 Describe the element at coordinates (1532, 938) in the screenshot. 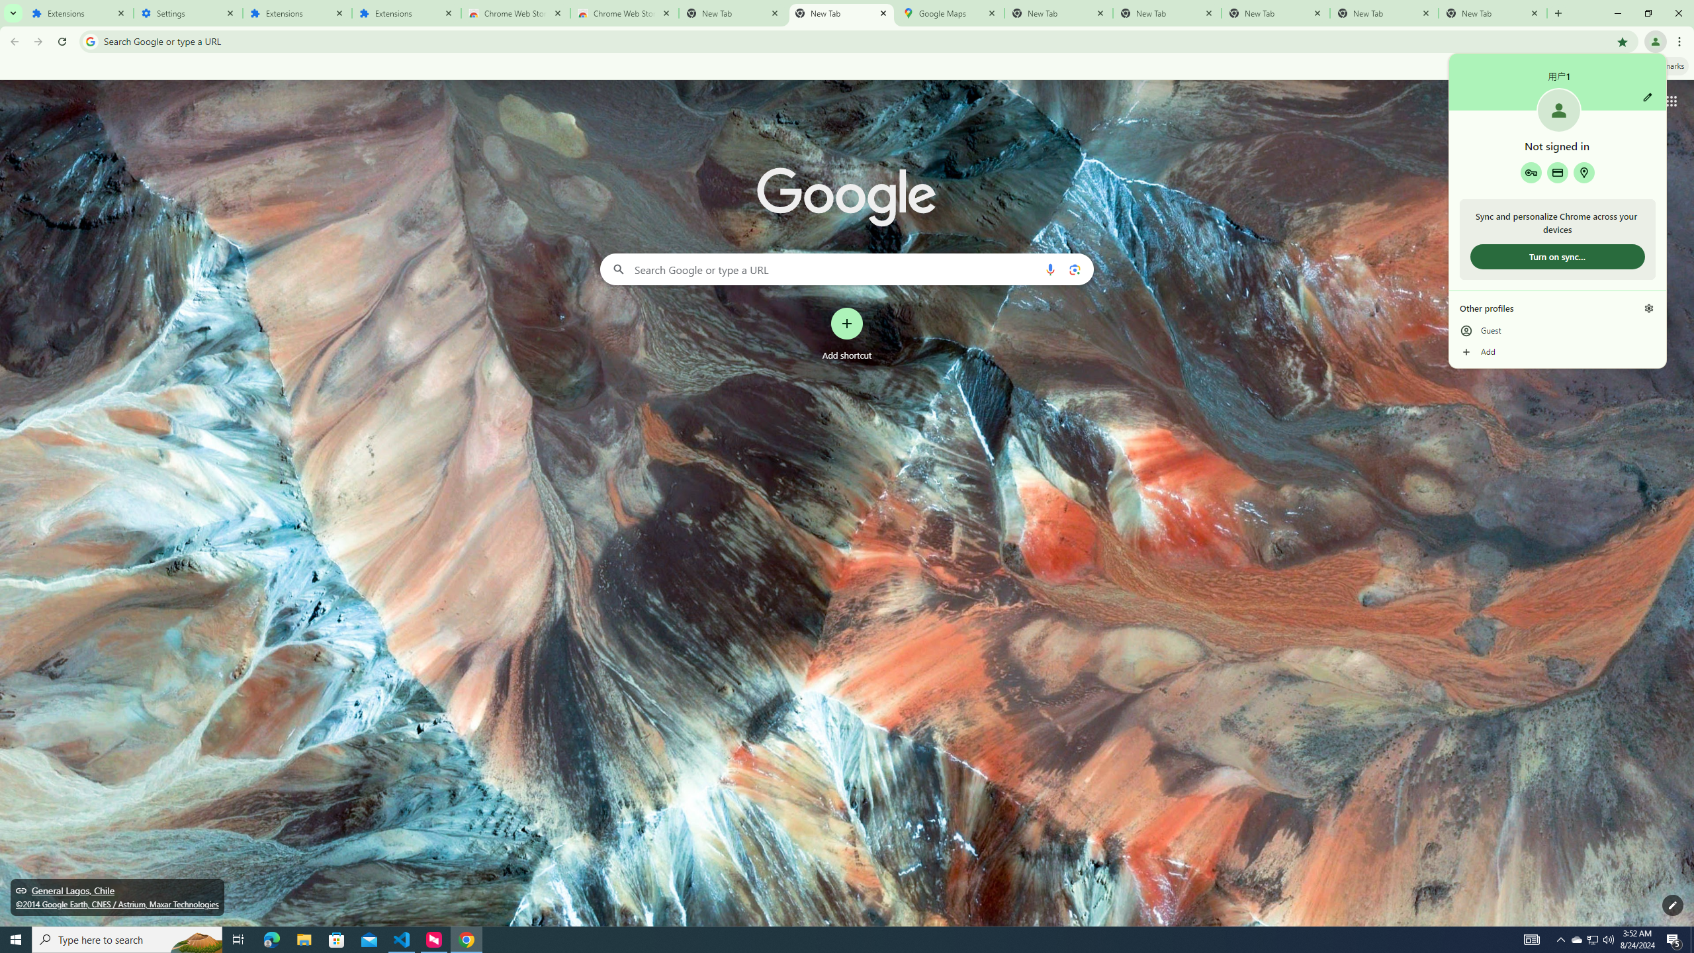

I see `'AutomationID: 4105'` at that location.